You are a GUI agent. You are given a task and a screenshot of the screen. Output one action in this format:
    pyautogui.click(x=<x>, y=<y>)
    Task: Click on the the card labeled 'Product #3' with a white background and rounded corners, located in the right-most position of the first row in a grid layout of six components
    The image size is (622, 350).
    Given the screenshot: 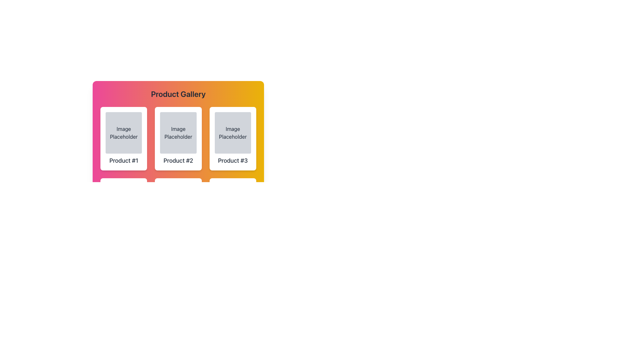 What is the action you would take?
    pyautogui.click(x=233, y=138)
    